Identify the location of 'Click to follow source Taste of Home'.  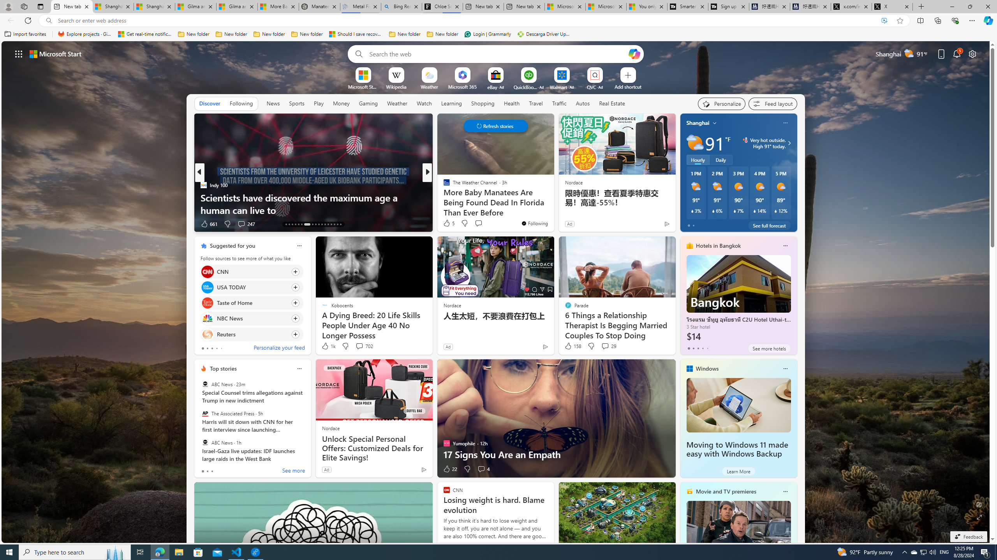
(251, 303).